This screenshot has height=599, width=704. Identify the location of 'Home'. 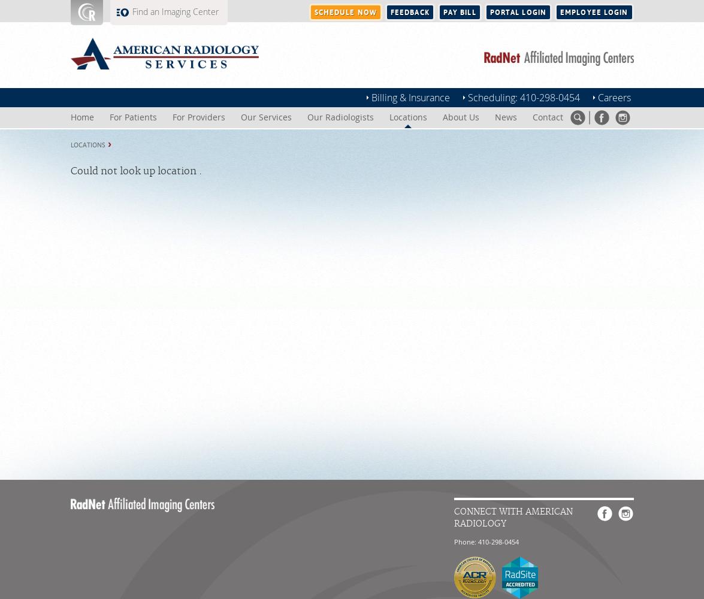
(81, 117).